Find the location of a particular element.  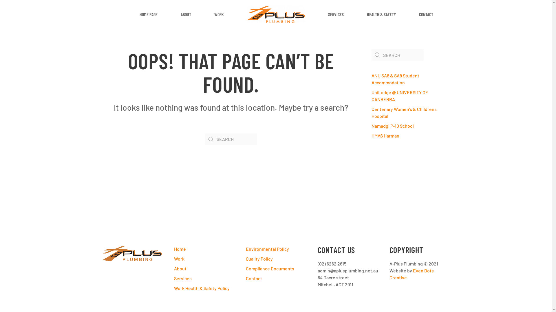

'Work' is located at coordinates (204, 258).